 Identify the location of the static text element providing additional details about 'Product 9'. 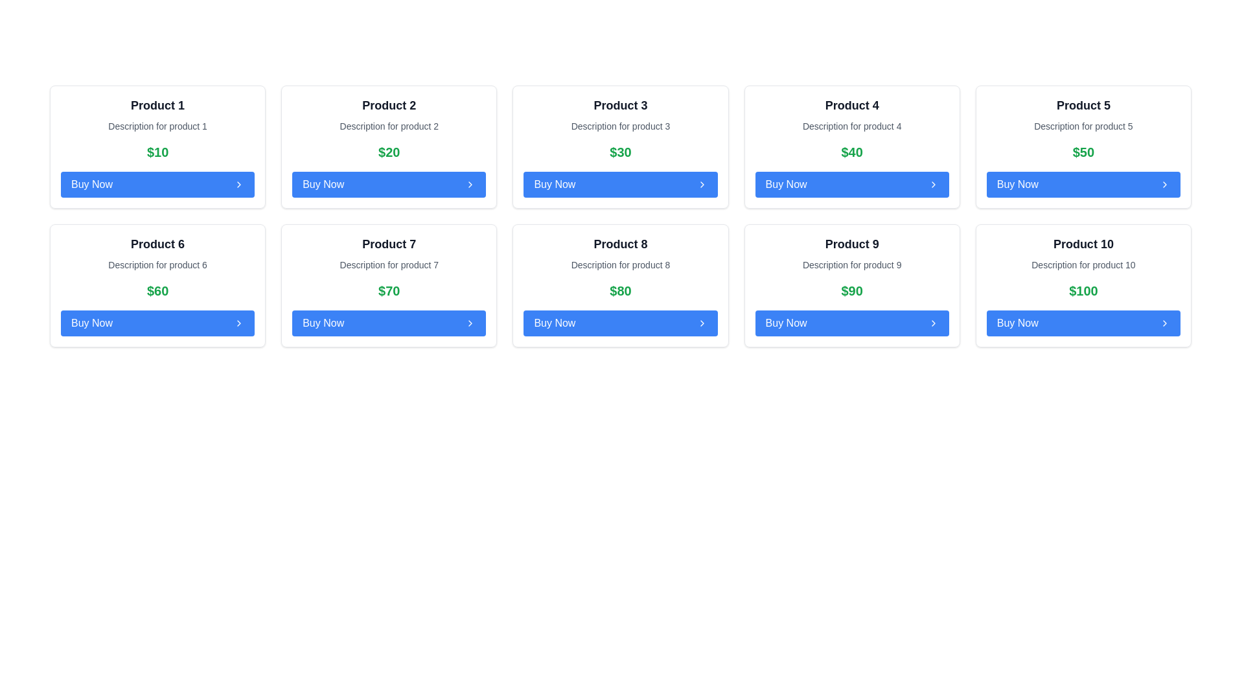
(852, 264).